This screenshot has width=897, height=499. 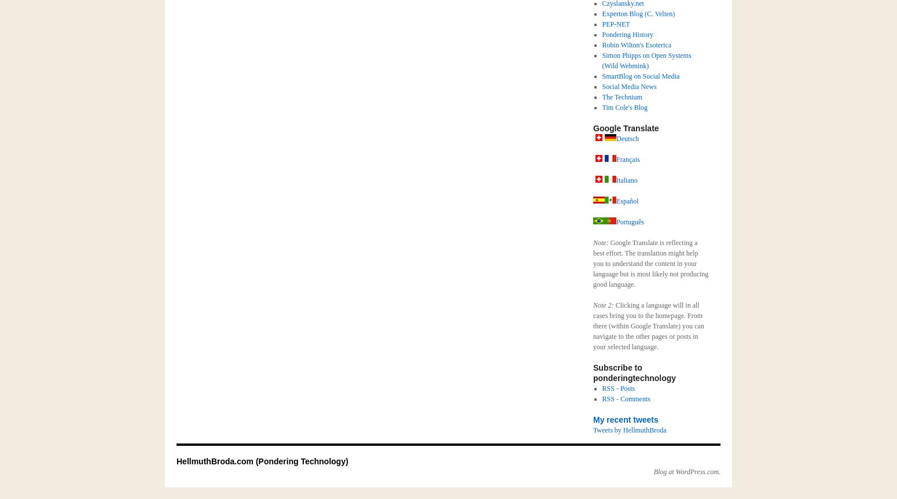 What do you see at coordinates (630, 222) in the screenshot?
I see `'Português'` at bounding box center [630, 222].